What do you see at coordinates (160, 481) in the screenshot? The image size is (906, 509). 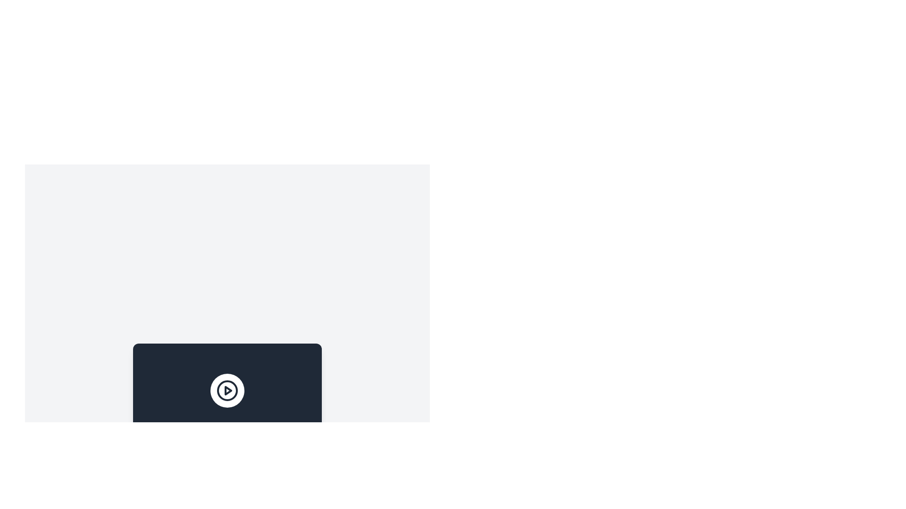 I see `the text label displaying 'Like' which is positioned immediately to the right of a heart icon` at bounding box center [160, 481].